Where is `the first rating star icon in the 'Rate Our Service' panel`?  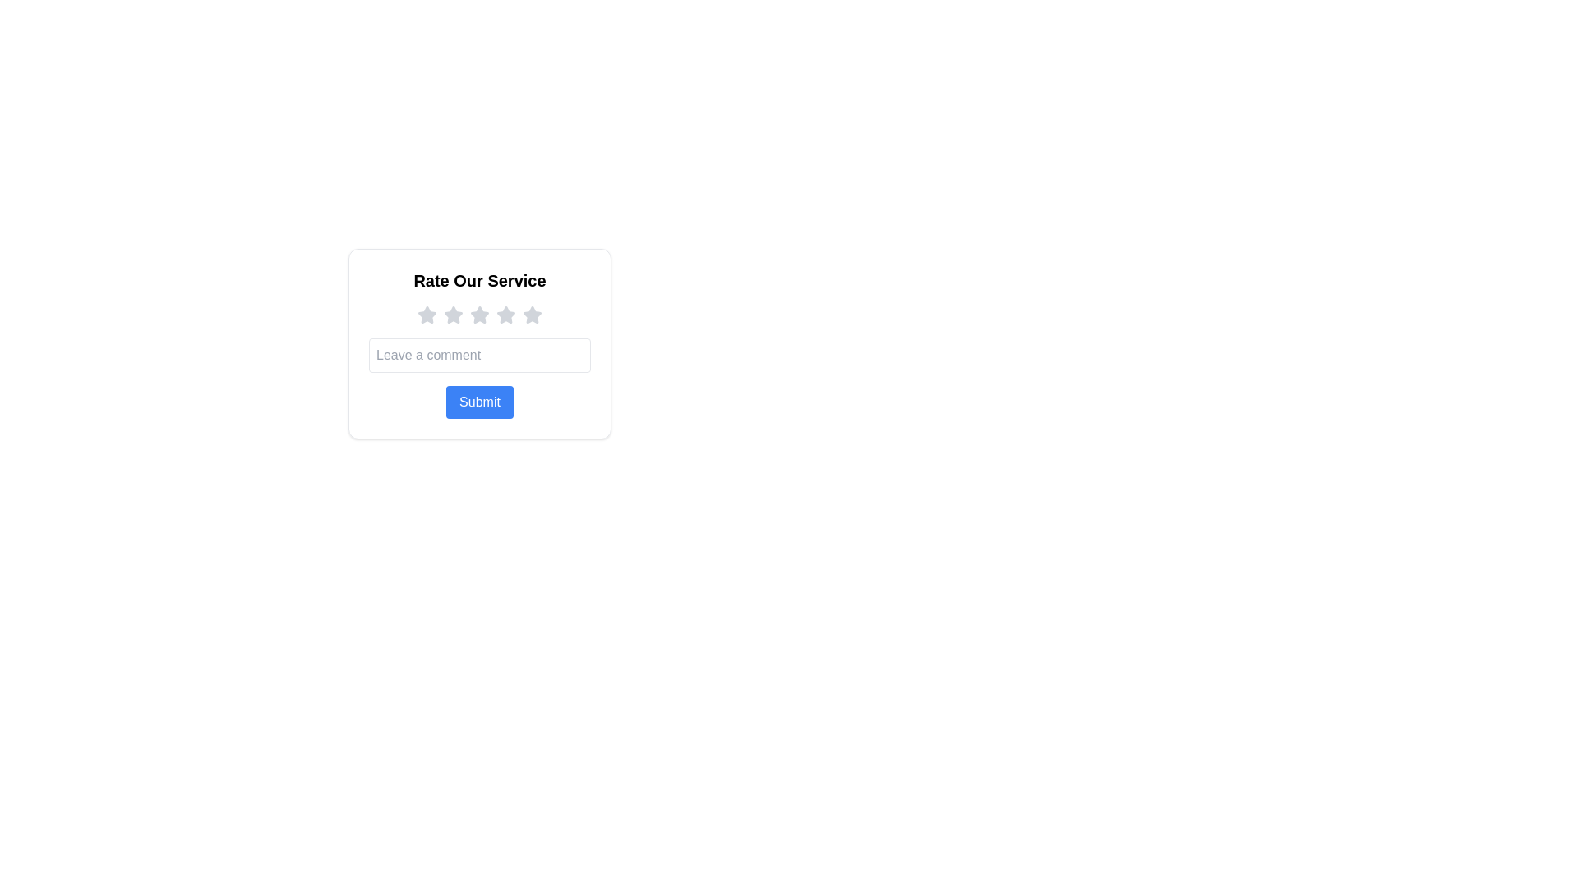
the first rating star icon in the 'Rate Our Service' panel is located at coordinates (427, 315).